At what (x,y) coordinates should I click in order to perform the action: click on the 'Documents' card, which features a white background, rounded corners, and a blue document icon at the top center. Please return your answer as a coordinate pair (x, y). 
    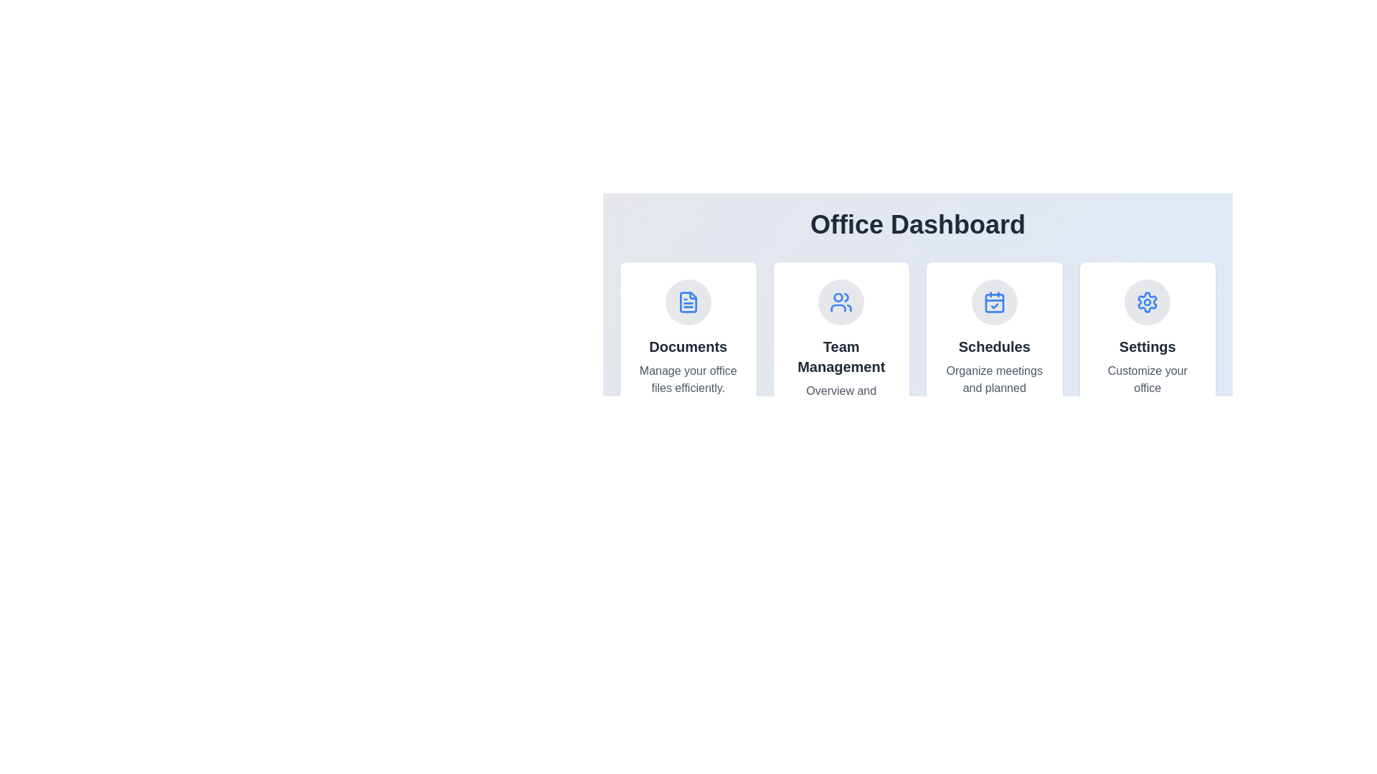
    Looking at the image, I should click on (687, 355).